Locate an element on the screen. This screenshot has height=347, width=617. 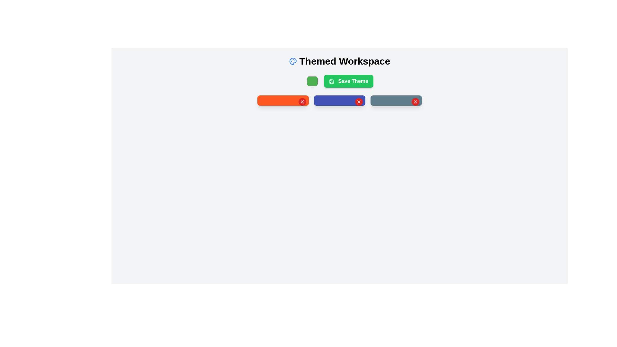
the main body of the save icon located within the 'Save Theme' button, positioned towards the left side of the text label is located at coordinates (332, 81).